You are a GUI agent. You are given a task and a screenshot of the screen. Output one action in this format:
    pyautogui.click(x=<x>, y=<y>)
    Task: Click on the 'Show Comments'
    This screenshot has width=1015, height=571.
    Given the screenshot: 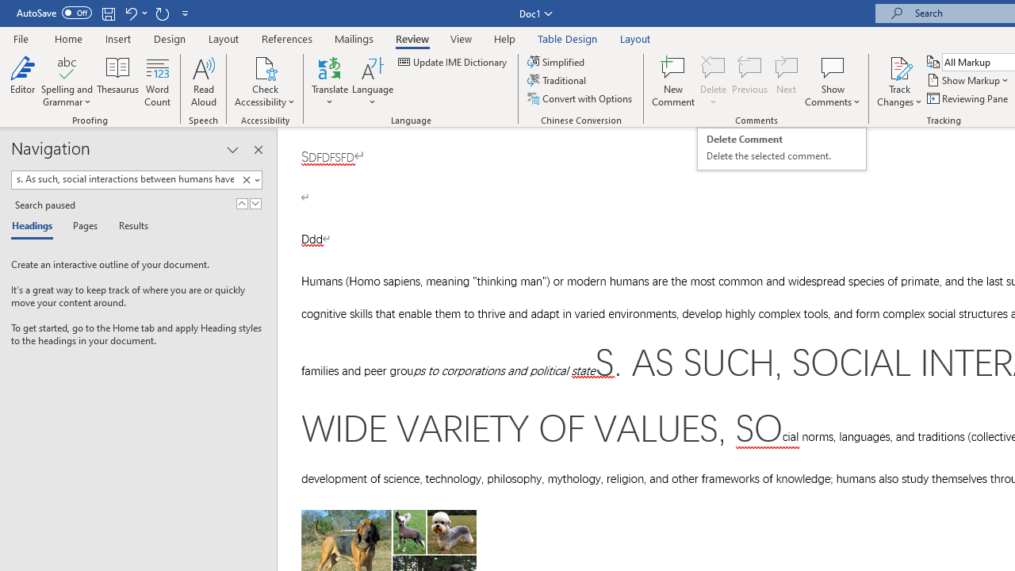 What is the action you would take?
    pyautogui.click(x=832, y=82)
    